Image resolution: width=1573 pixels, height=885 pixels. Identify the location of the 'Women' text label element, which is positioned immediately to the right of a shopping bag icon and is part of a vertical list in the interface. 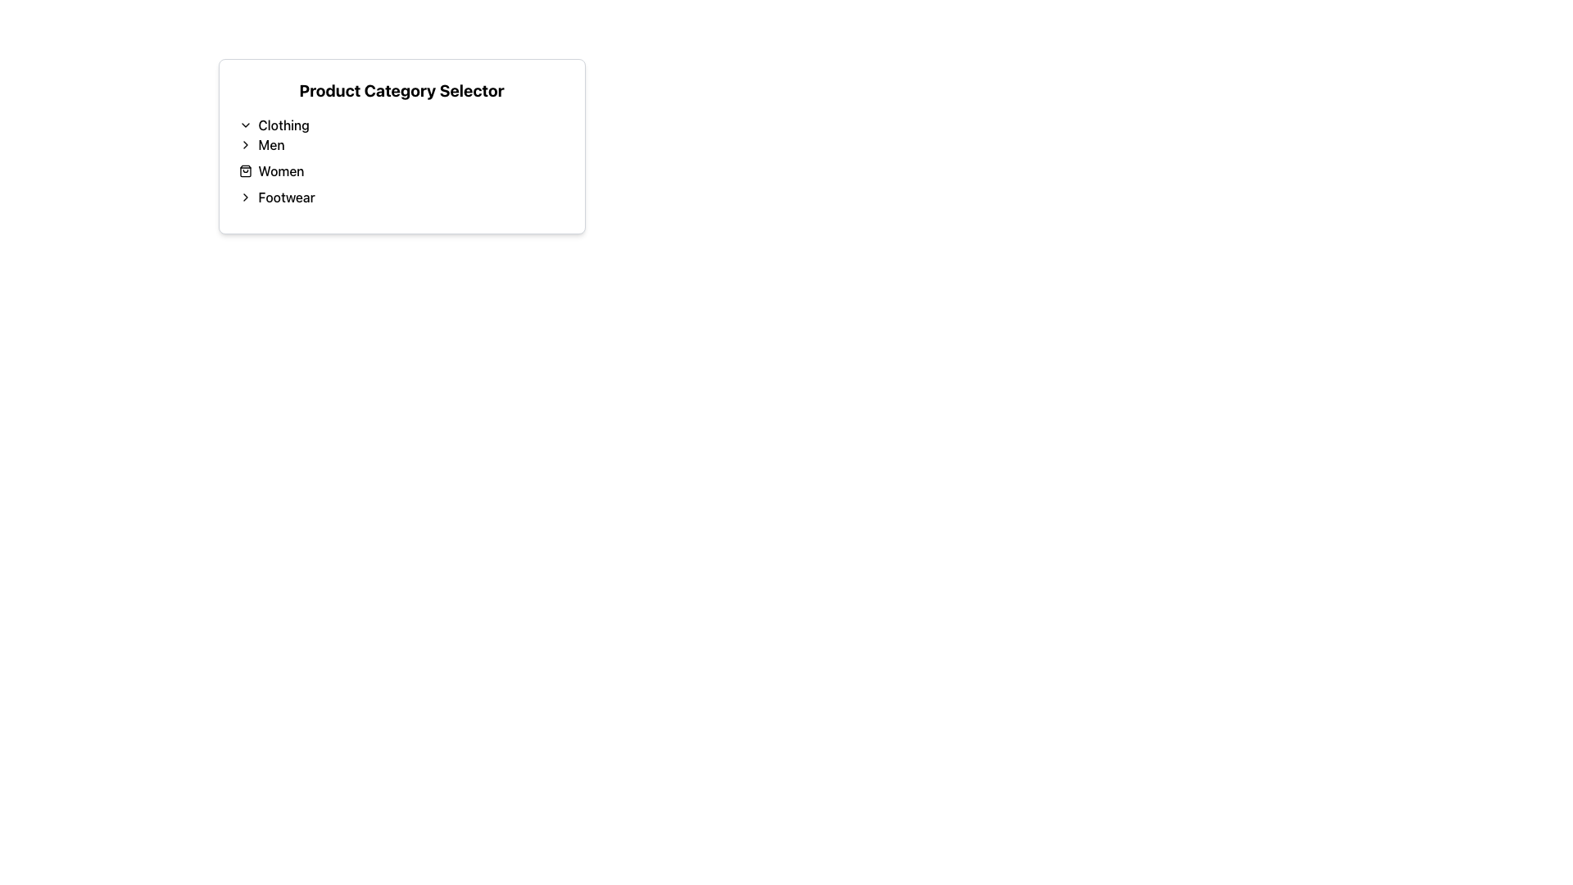
(281, 170).